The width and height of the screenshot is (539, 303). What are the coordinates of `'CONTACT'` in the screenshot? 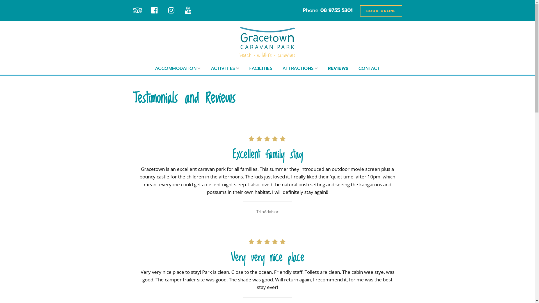 It's located at (369, 68).